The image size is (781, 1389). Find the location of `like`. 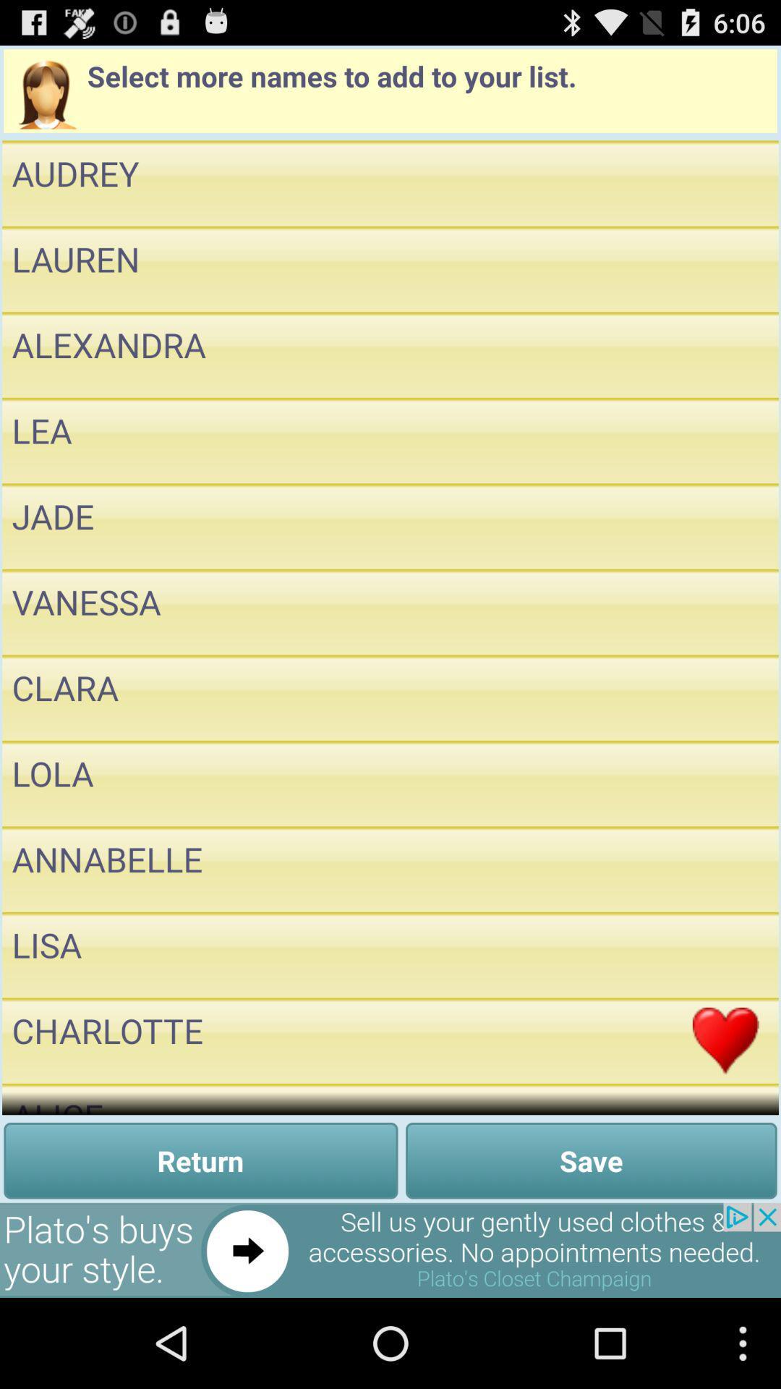

like is located at coordinates (725, 783).